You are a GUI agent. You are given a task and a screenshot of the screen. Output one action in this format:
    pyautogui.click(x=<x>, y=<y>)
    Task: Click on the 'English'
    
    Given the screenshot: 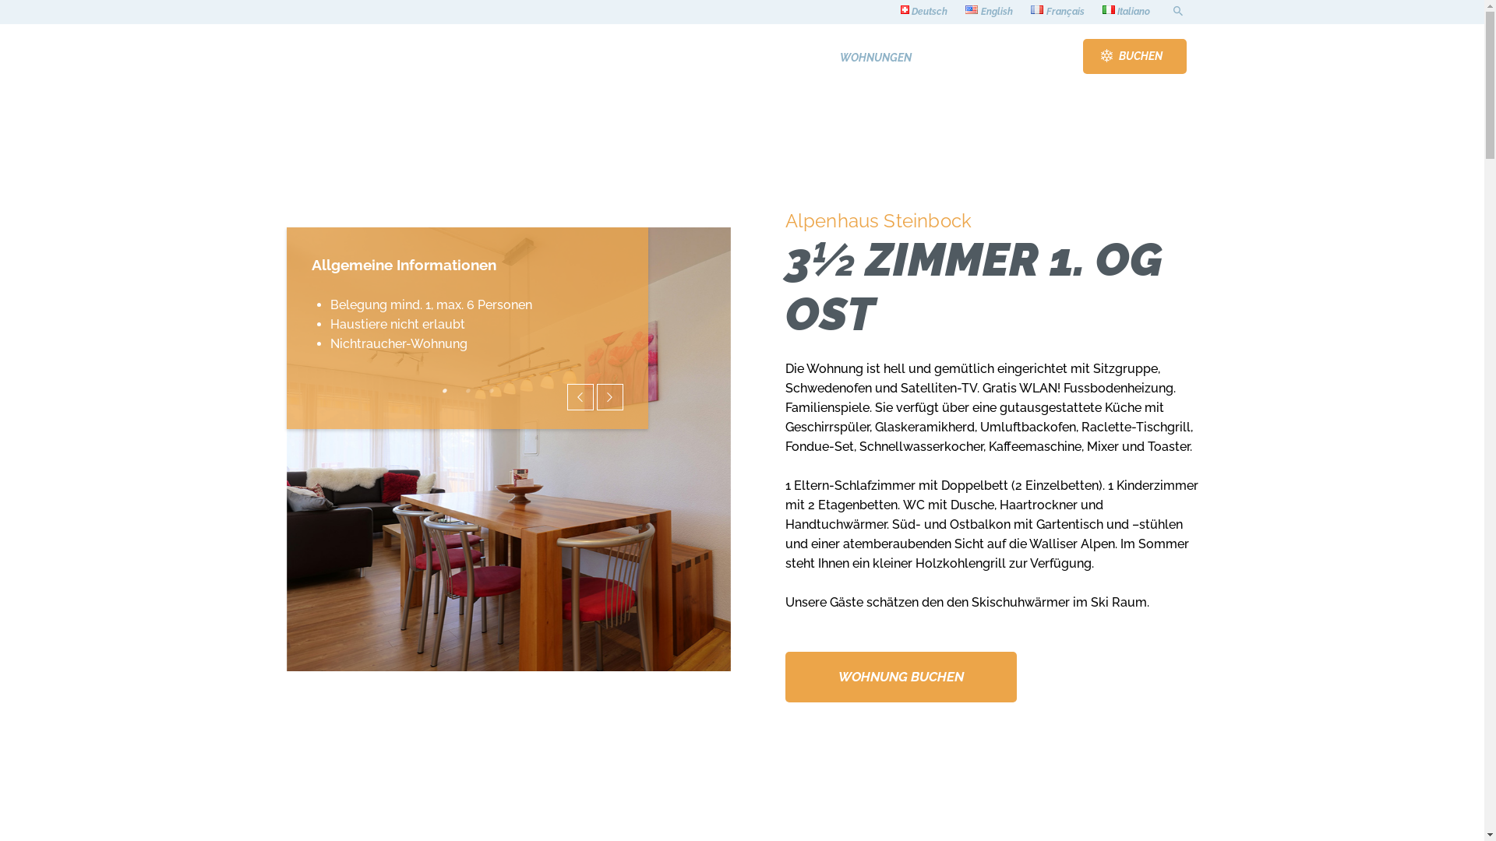 What is the action you would take?
    pyautogui.click(x=989, y=12)
    